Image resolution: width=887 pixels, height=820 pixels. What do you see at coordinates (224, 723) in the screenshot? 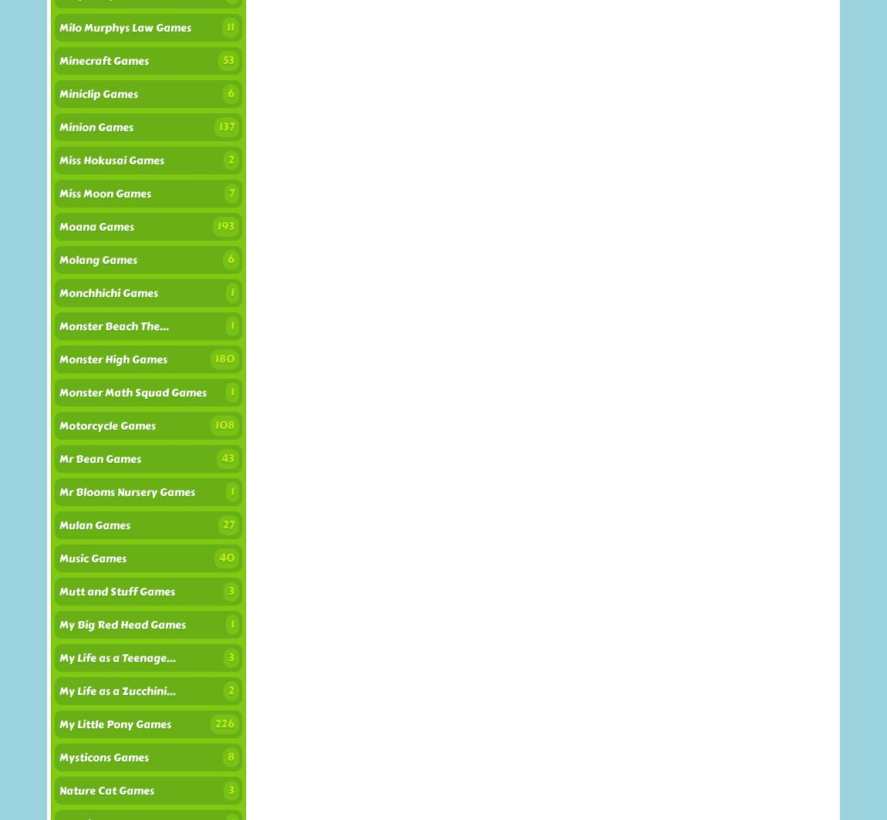
I see `'226'` at bounding box center [224, 723].